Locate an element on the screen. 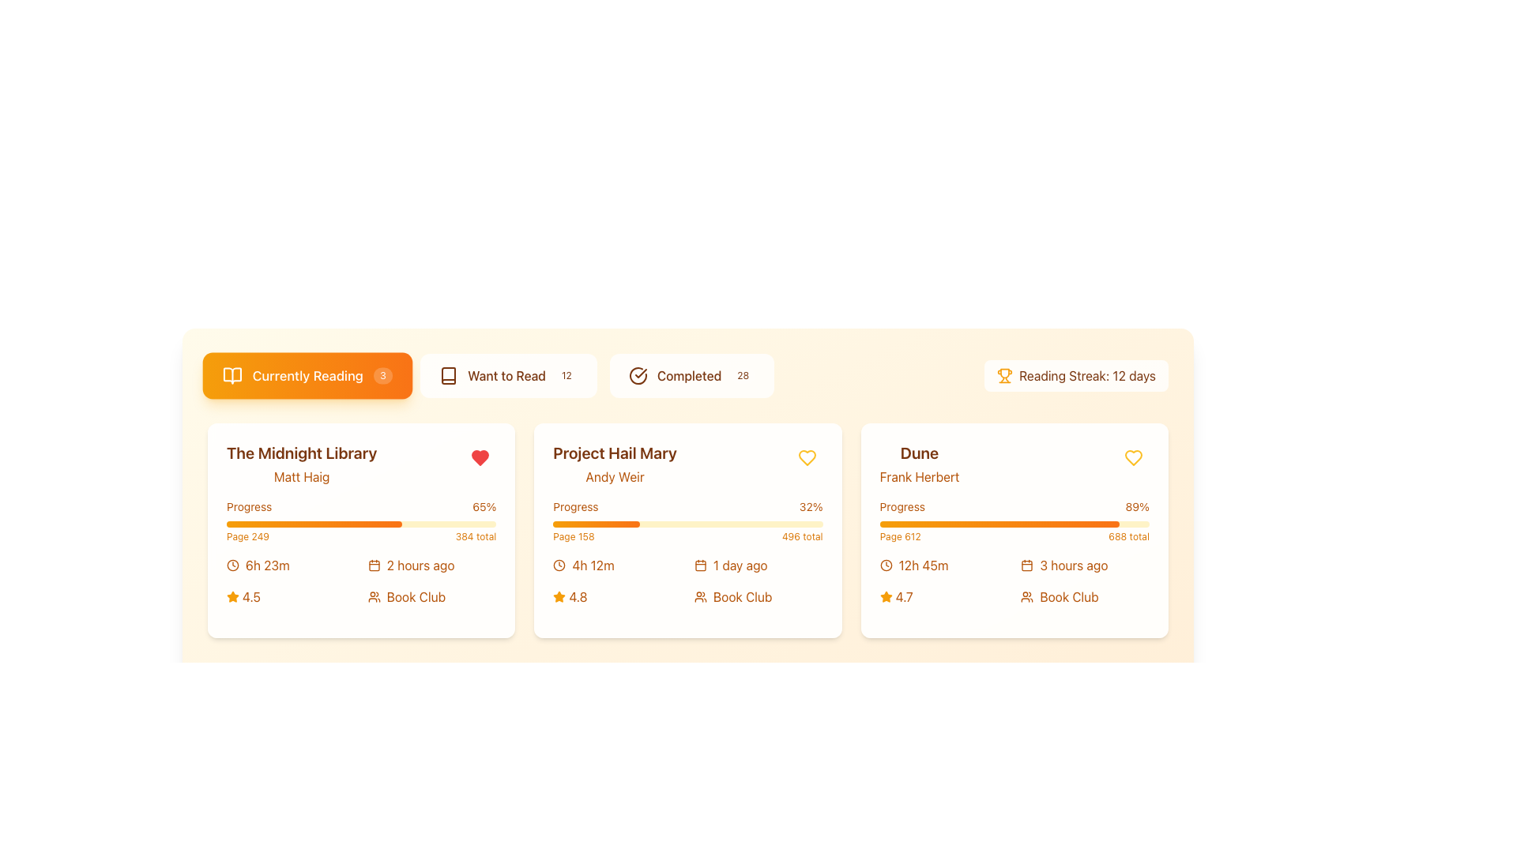 The width and height of the screenshot is (1517, 853). the icon indicating the elapsed reading time for the item 'Project Hail Mary', located in the second column of a four-column grid layout within the card labeled 'Project Hail Mary' is located at coordinates (616, 565).